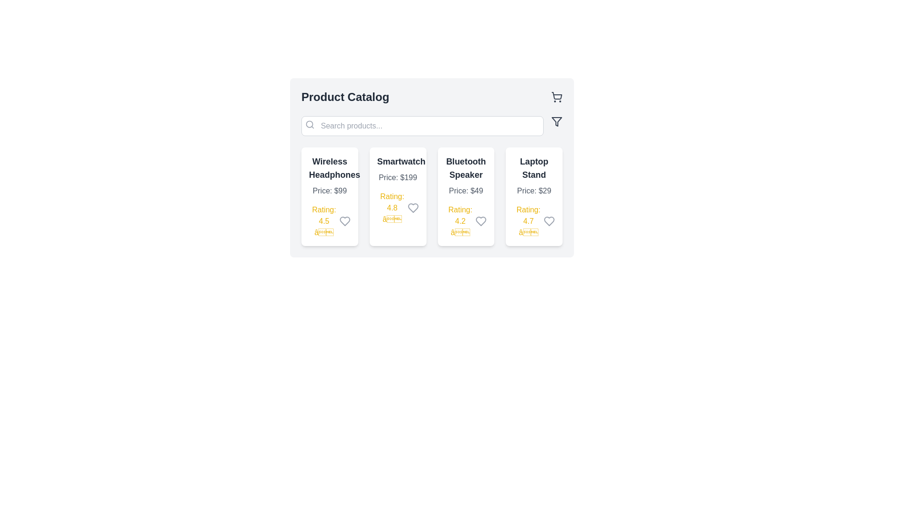 This screenshot has width=910, height=512. Describe the element at coordinates (392, 208) in the screenshot. I see `the text label displaying 'Rating: 4.8 ★' styled in yellow, which is located in the second product card from the left in the product catalog` at that location.